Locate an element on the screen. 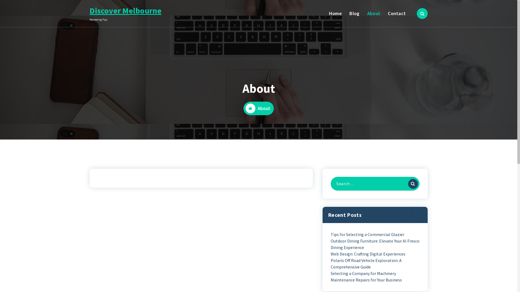 Image resolution: width=520 pixels, height=292 pixels. 'Discover Melbourne' is located at coordinates (90, 10).